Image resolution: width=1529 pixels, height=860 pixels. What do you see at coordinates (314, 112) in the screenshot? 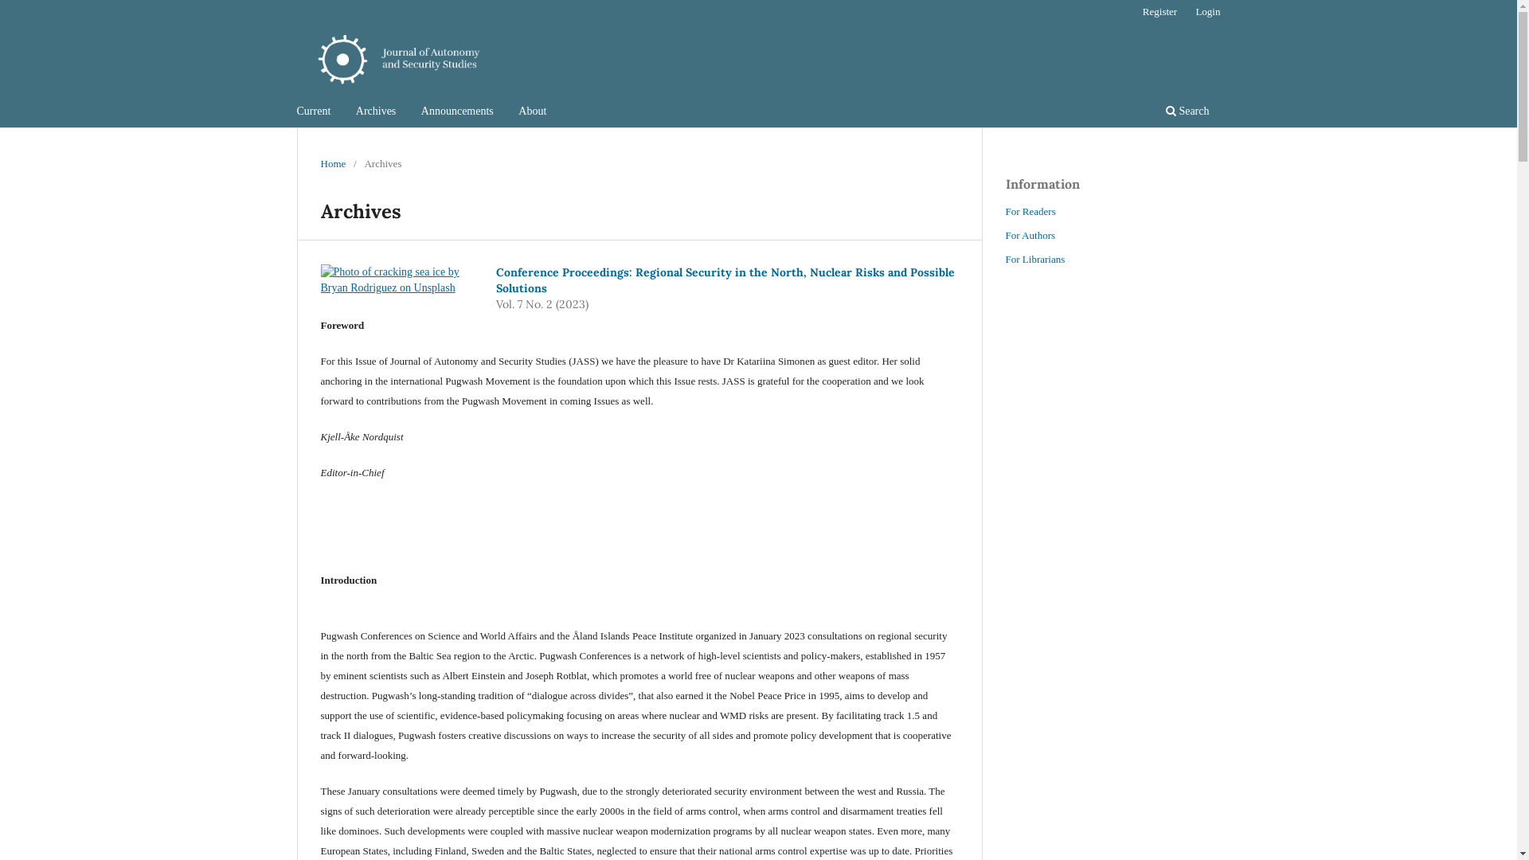
I see `'Current'` at bounding box center [314, 112].